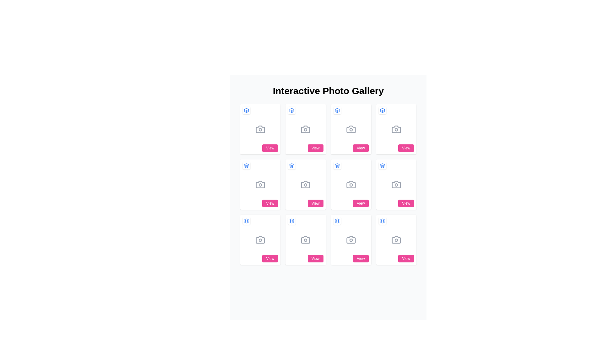 The width and height of the screenshot is (603, 339). I want to click on the card with a camera icon and a pink 'View' button, so click(396, 239).